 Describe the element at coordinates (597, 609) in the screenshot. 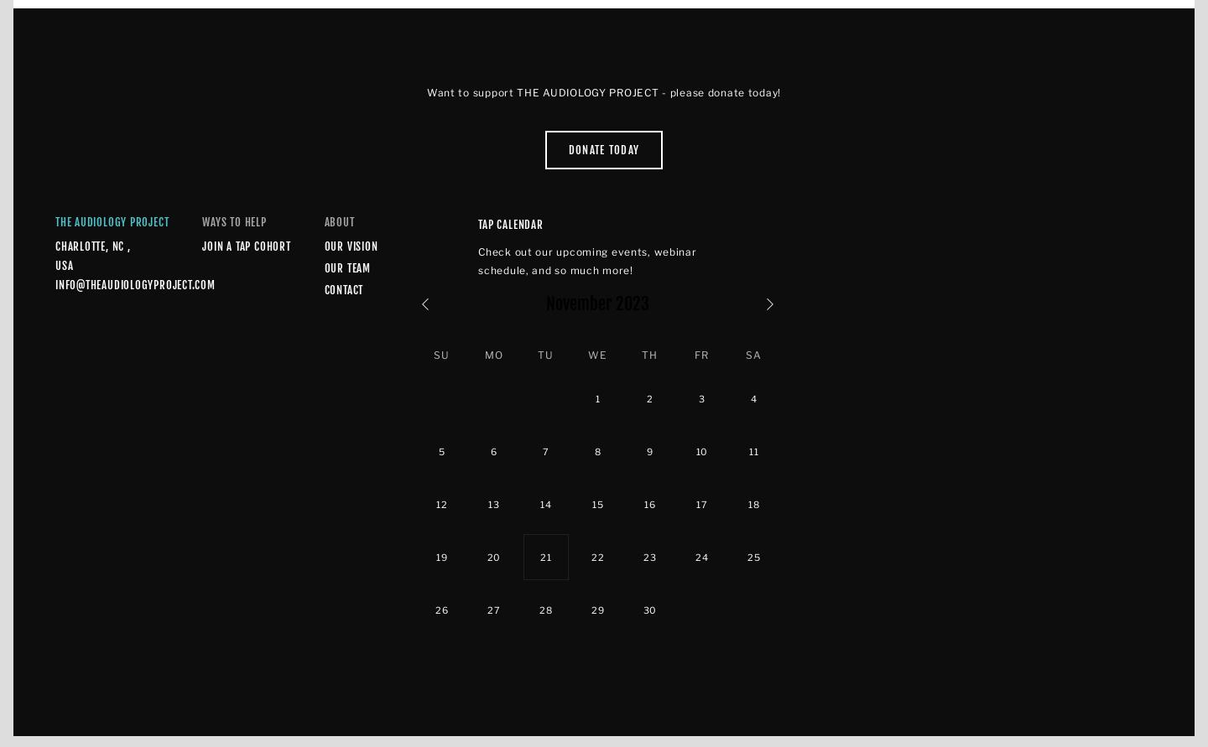

I see `'29'` at that location.